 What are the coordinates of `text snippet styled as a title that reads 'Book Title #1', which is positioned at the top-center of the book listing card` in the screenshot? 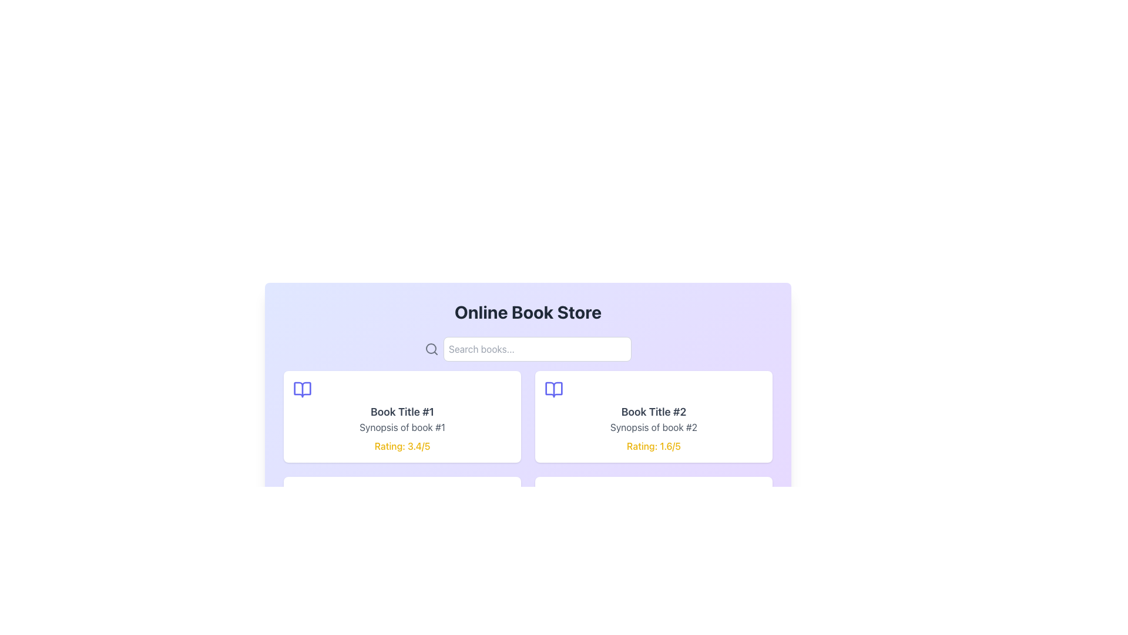 It's located at (402, 412).